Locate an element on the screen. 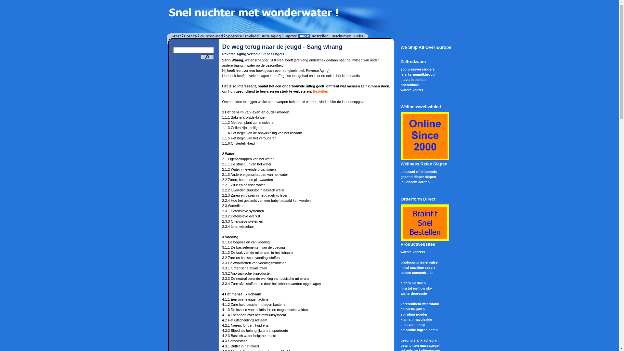 The width and height of the screenshot is (624, 351). 'betere concentratie' is located at coordinates (400, 273).